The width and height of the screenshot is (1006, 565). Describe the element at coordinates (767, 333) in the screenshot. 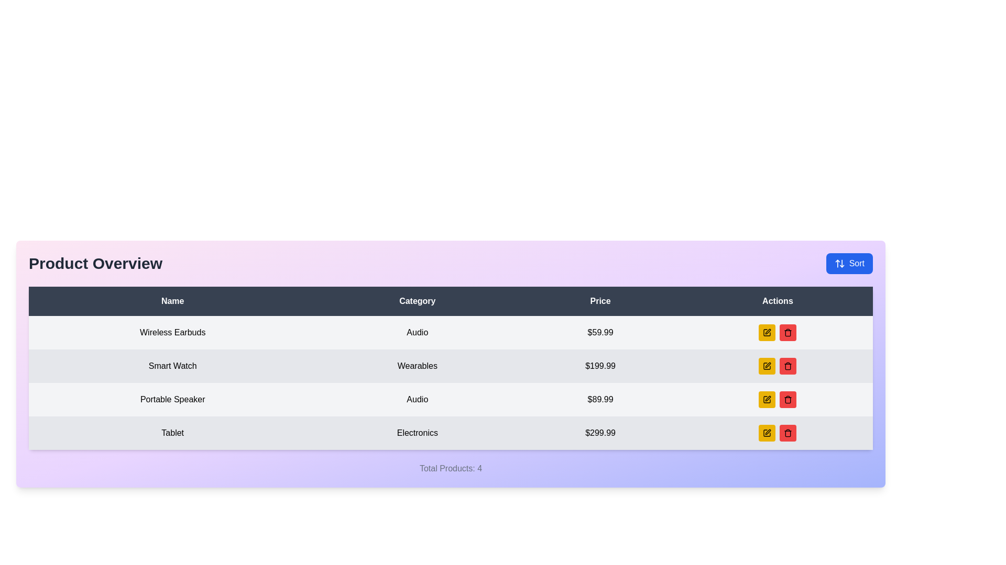

I see `the first button in the actions section of the table for the 'Wireless Earbuds' entry` at that location.